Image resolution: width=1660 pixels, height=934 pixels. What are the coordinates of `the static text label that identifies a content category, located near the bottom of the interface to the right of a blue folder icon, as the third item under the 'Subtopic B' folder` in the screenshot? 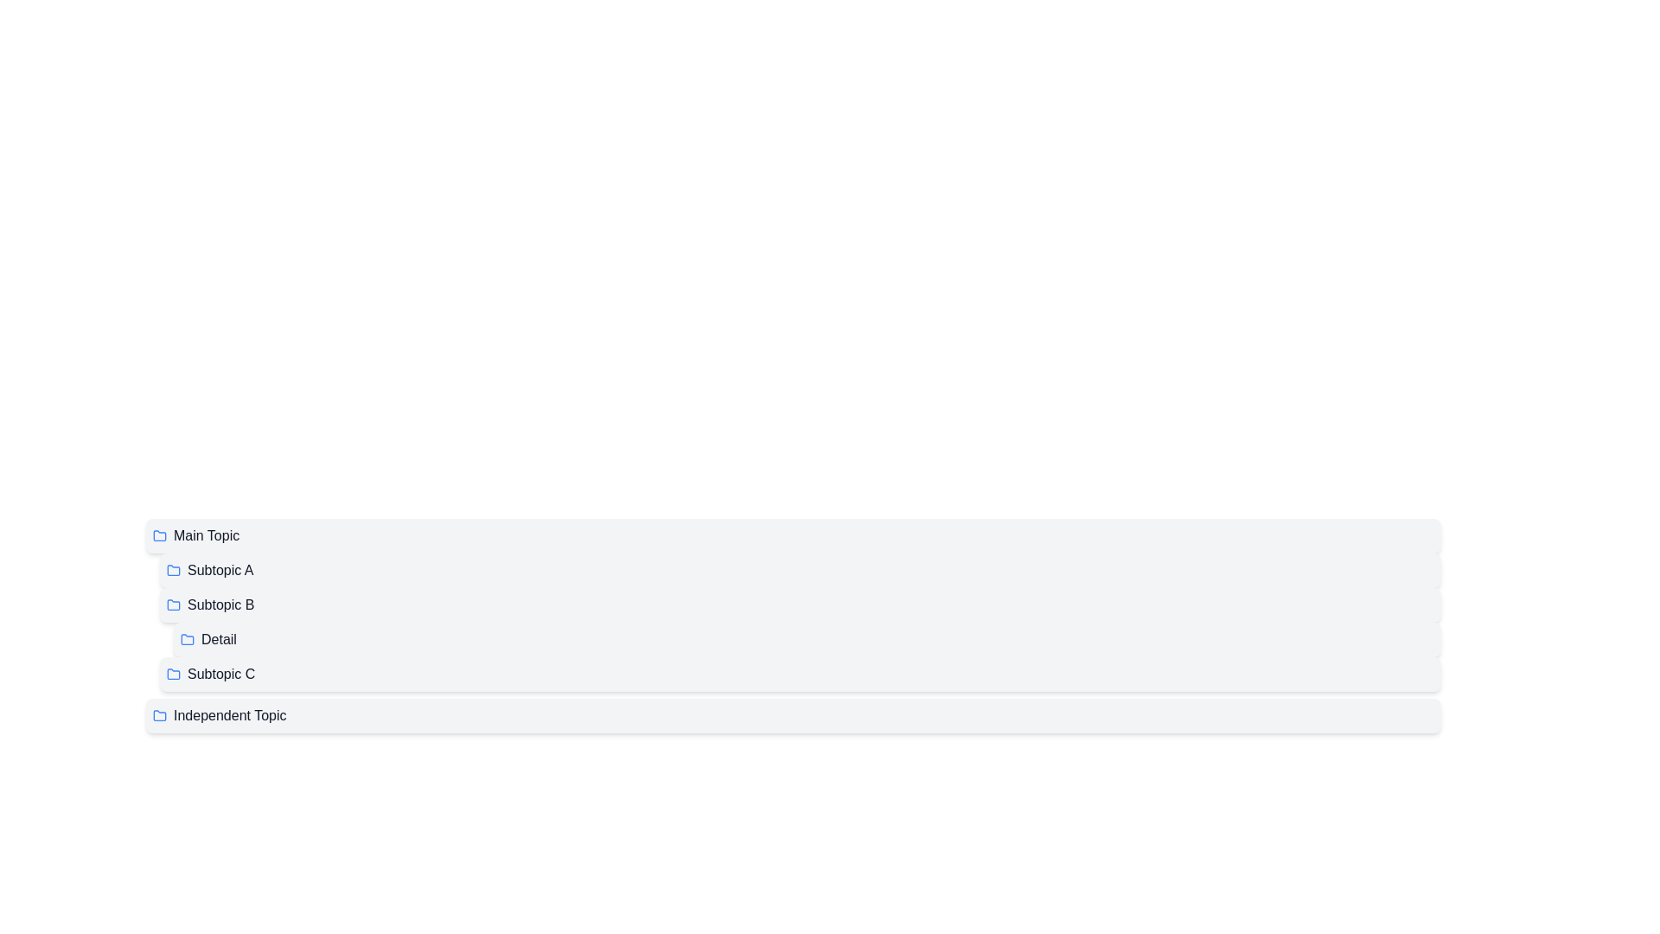 It's located at (220, 673).